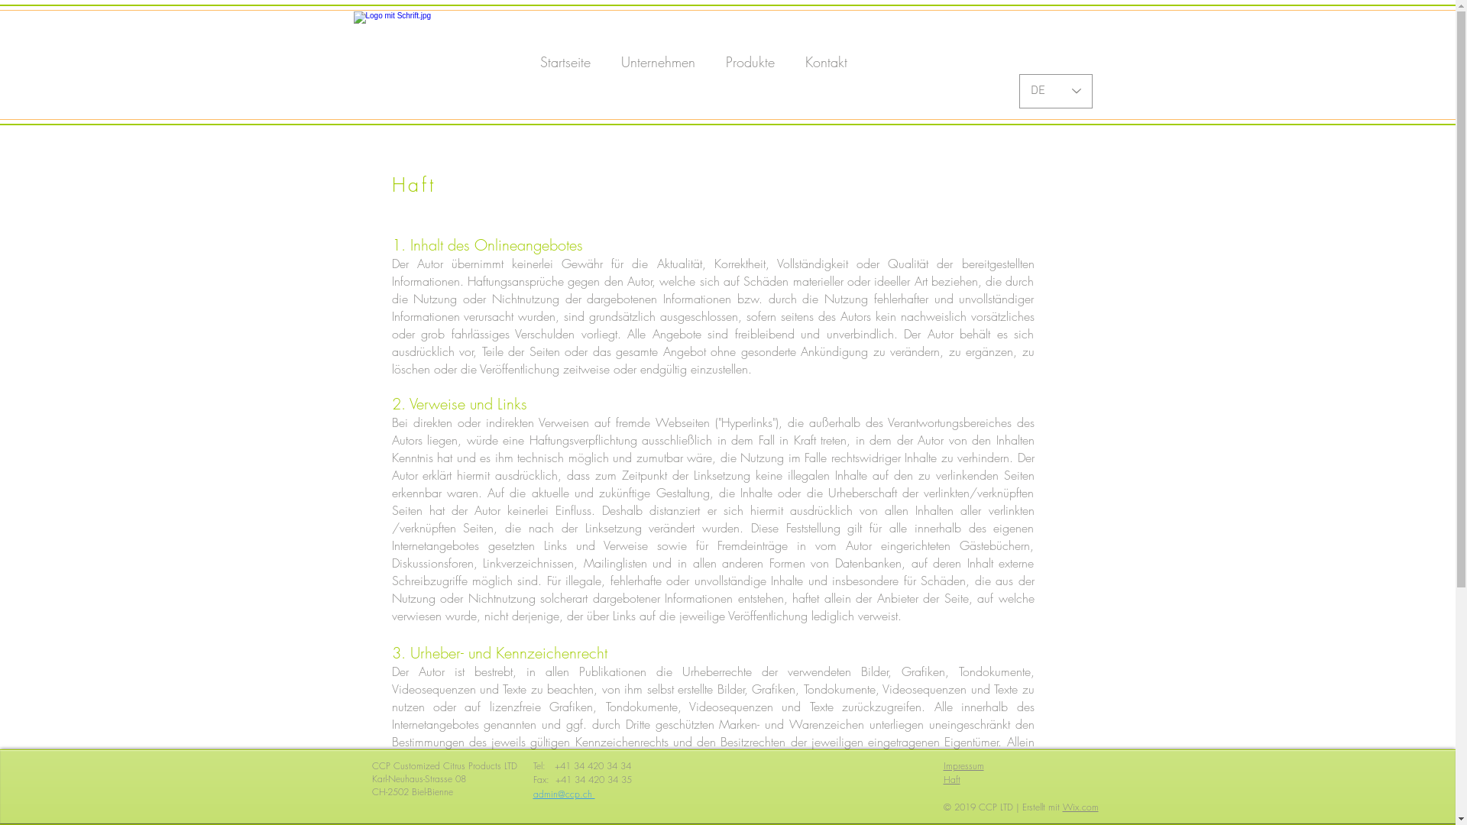  Describe the element at coordinates (564, 61) in the screenshot. I see `'Startseite'` at that location.